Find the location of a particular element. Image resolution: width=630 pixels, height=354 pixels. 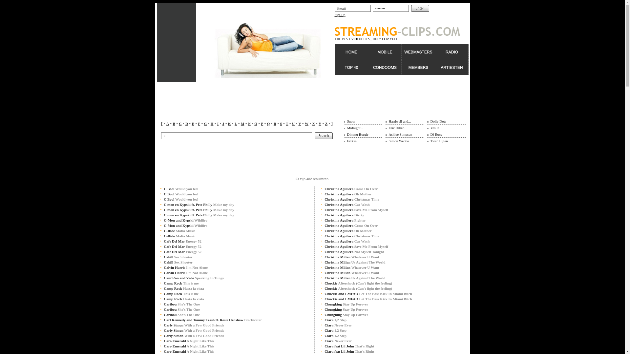

'Christina Aguilera Oh Mother' is located at coordinates (347, 230).